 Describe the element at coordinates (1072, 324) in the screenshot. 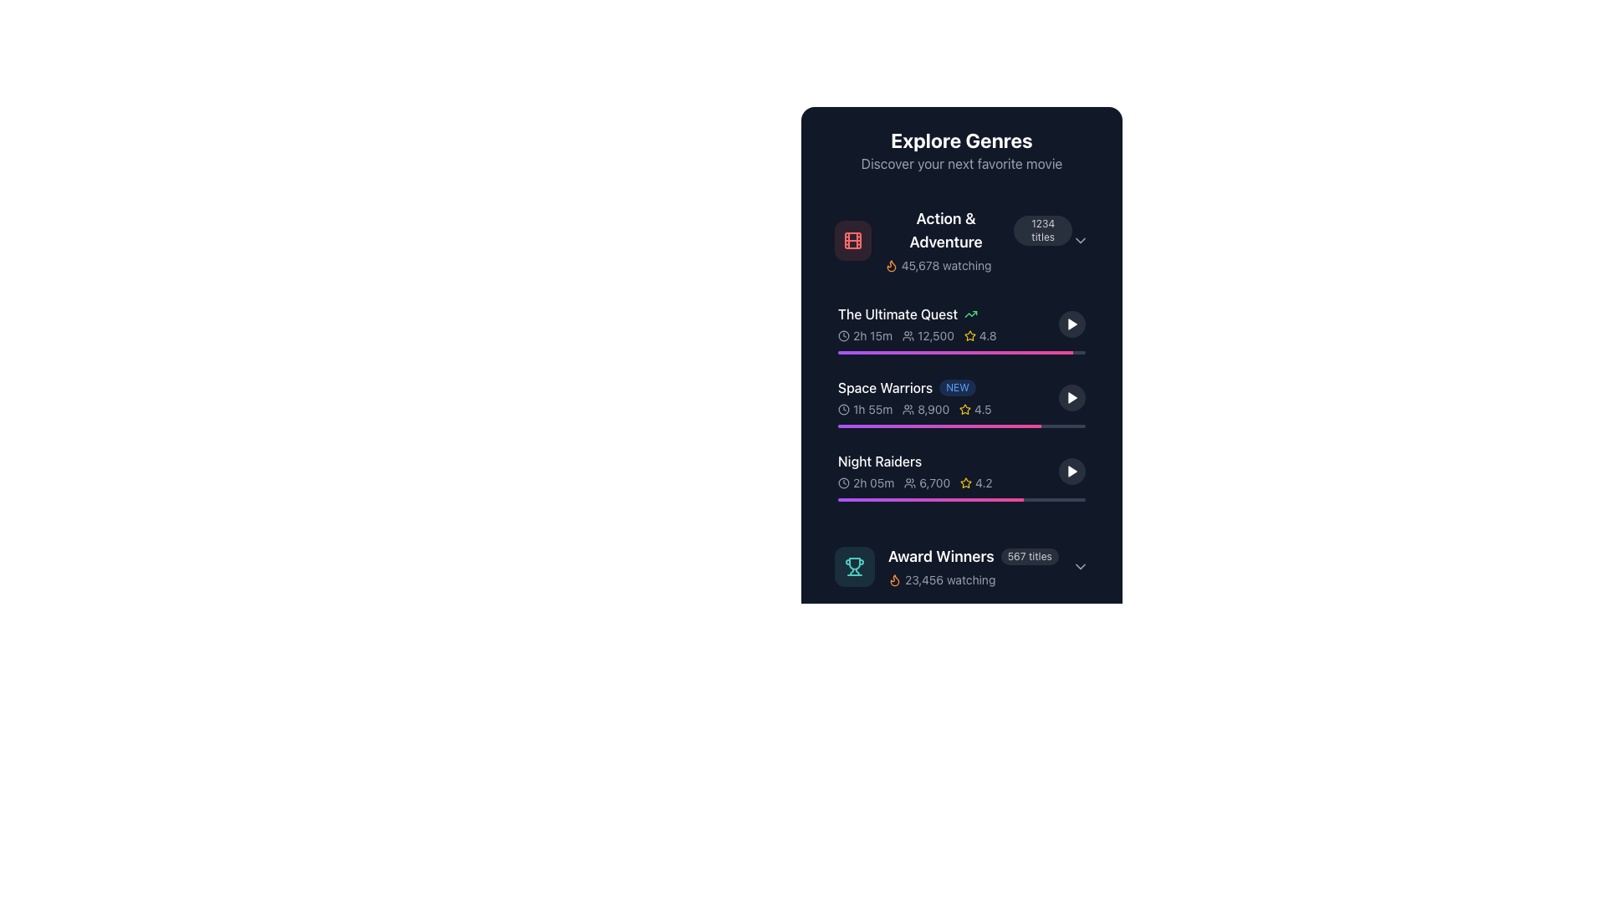

I see `the button for 'The Ultimate Quest' listing` at that location.